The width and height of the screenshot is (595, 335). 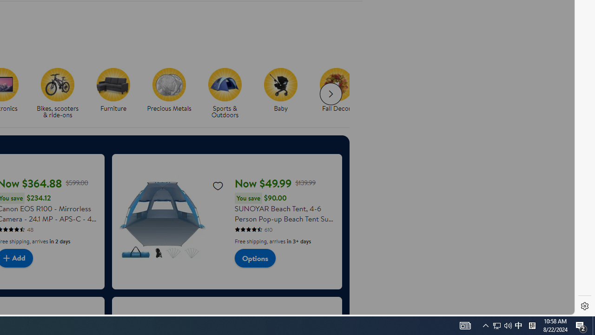 I want to click on 'Precious Metals Precious Metals', so click(x=169, y=90).